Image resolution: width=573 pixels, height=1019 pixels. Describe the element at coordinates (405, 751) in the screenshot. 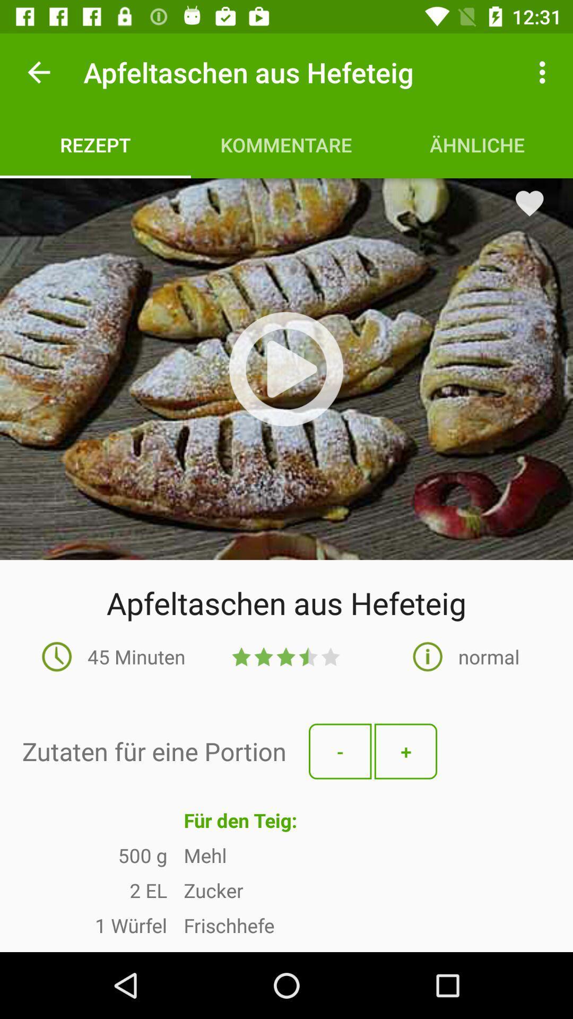

I see `the button with` at that location.